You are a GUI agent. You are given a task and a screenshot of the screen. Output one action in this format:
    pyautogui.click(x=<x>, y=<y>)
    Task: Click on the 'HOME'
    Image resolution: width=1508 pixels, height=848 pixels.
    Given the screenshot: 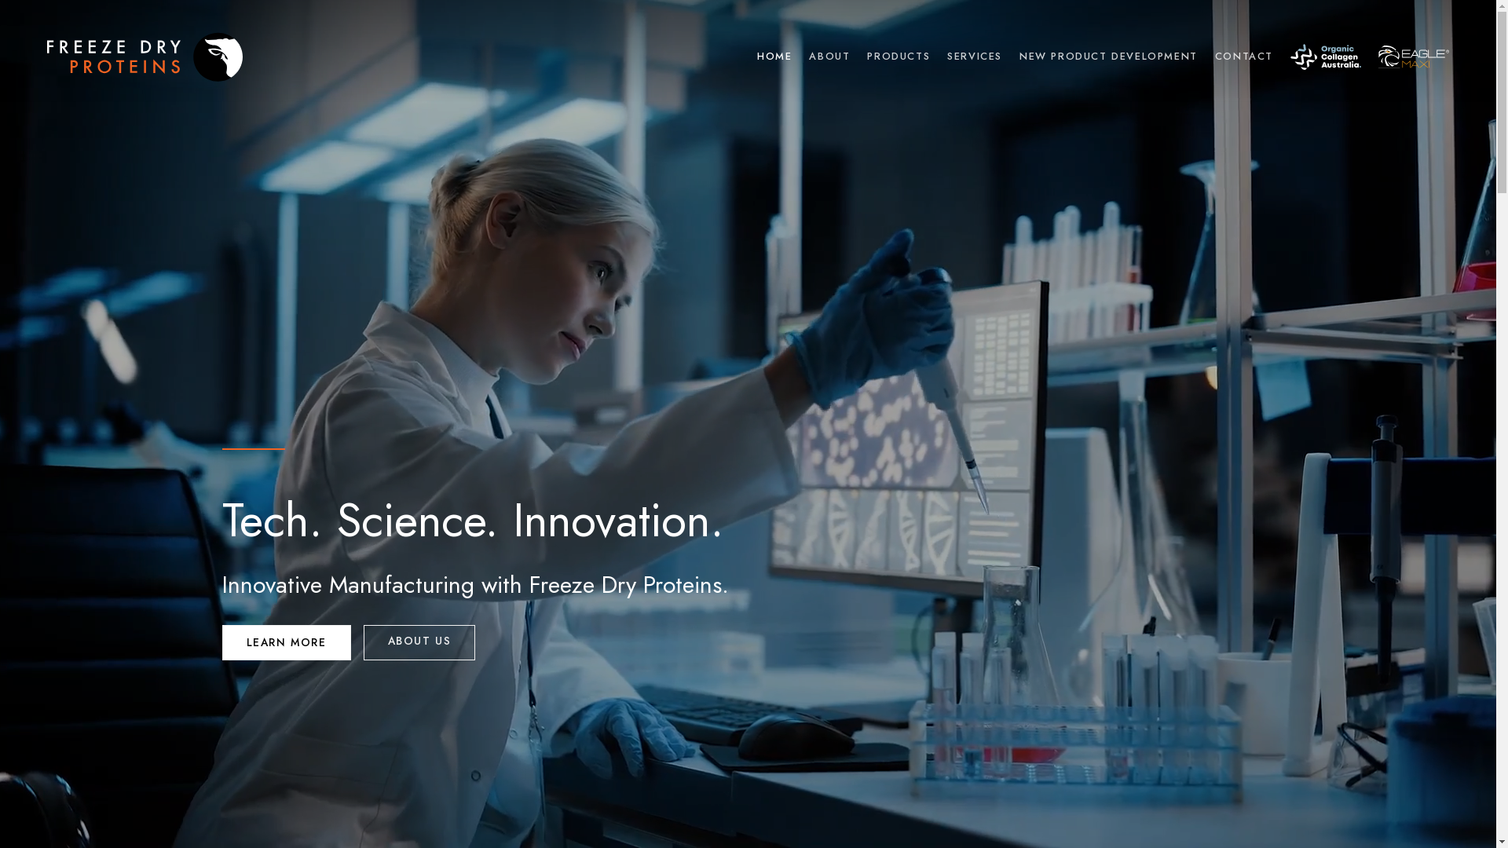 What is the action you would take?
    pyautogui.click(x=774, y=56)
    